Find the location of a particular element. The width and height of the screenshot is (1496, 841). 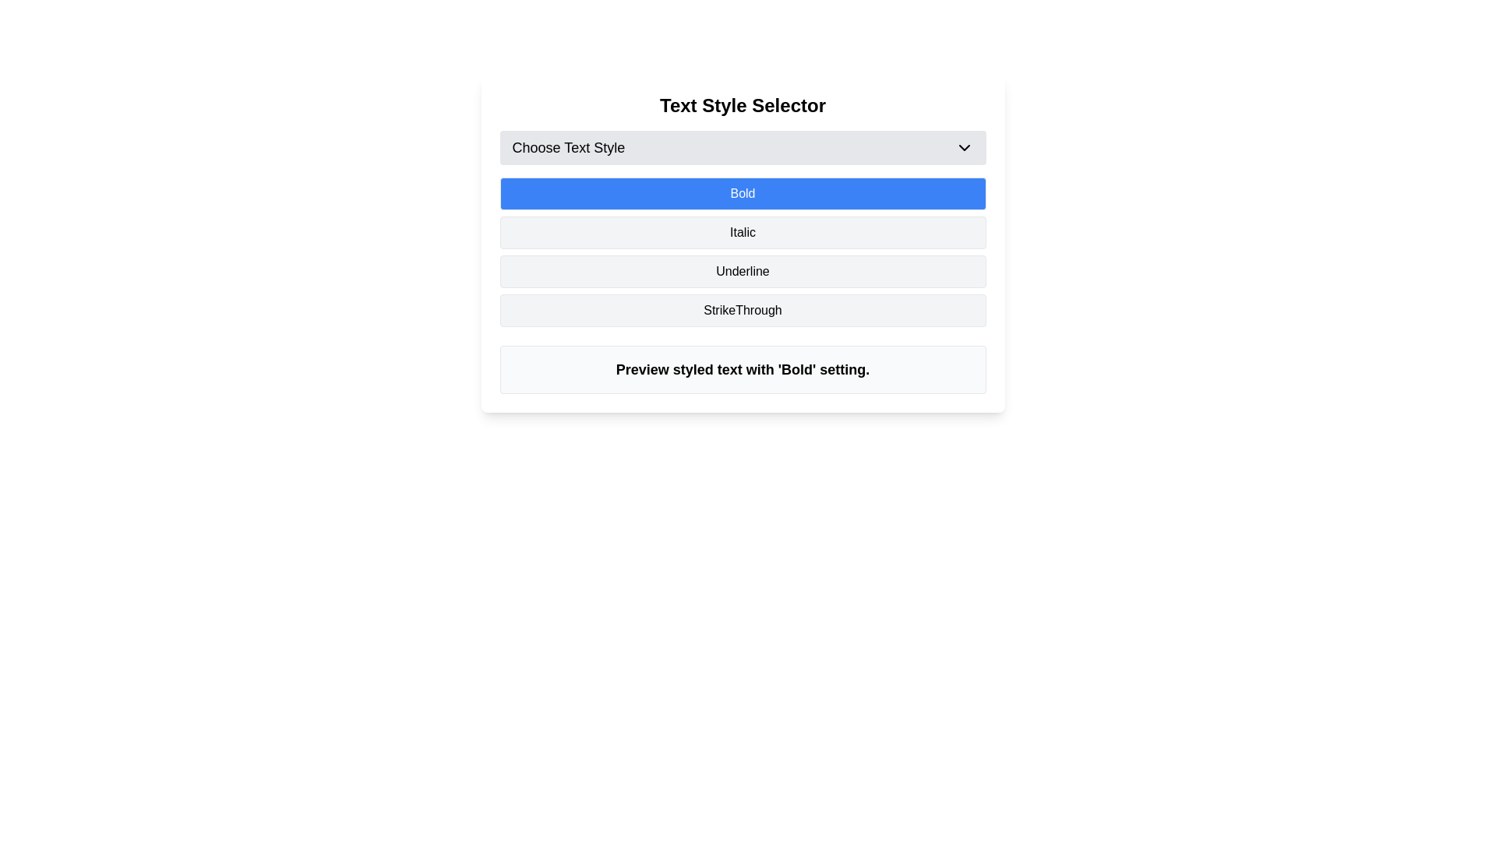

the chevron icon located to the right of the text 'Choose Text Style' is located at coordinates (963, 147).